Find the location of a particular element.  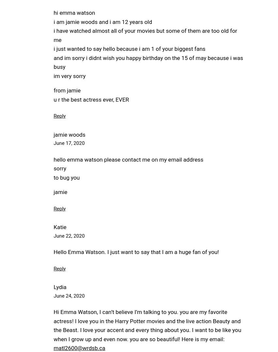

'Hi Emma Watson, I can’t believe I’m talking to you. you are my favorite actress! I love you in the Harry Potter movies and the live action Beauty and the Beast. I love your accent and every thing about you. I want to be like you when I grow up and even now. you are so beautiful! Here is my email:' is located at coordinates (147, 325).